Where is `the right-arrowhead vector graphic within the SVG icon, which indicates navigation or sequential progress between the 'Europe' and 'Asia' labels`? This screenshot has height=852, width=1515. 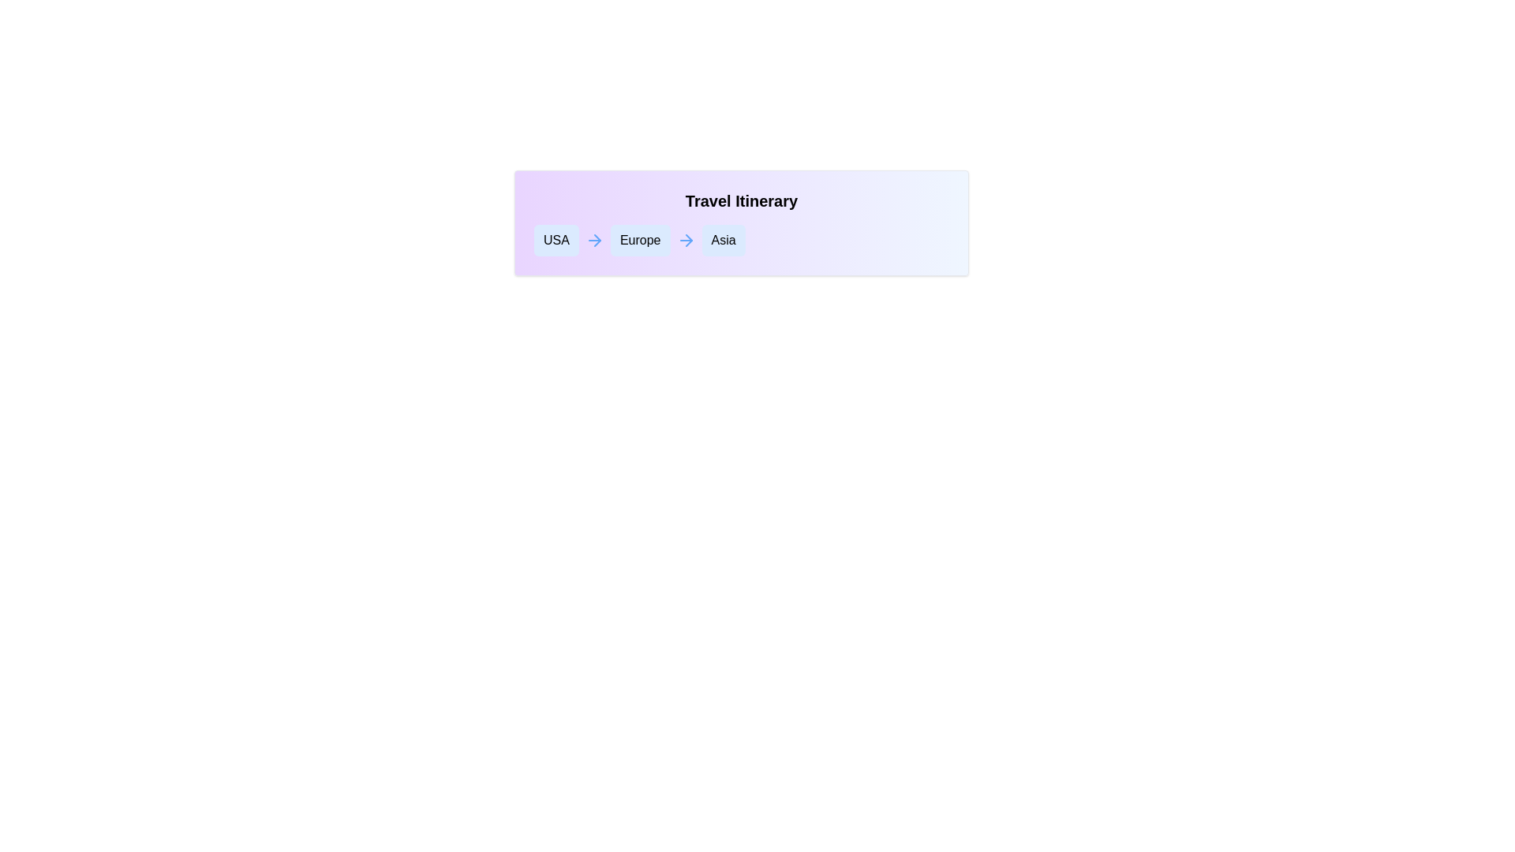 the right-arrowhead vector graphic within the SVG icon, which indicates navigation or sequential progress between the 'Europe' and 'Asia' labels is located at coordinates (597, 240).